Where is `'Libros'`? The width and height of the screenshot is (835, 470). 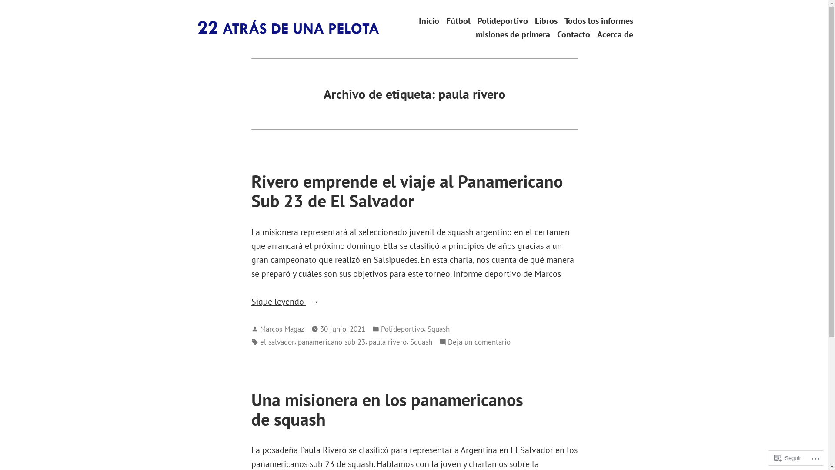 'Libros' is located at coordinates (534, 20).